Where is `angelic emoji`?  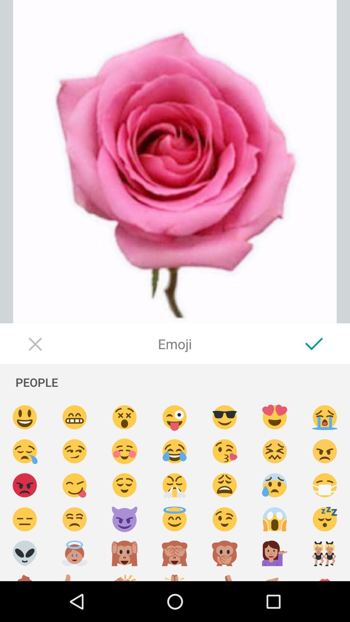 angelic emoji is located at coordinates (74, 553).